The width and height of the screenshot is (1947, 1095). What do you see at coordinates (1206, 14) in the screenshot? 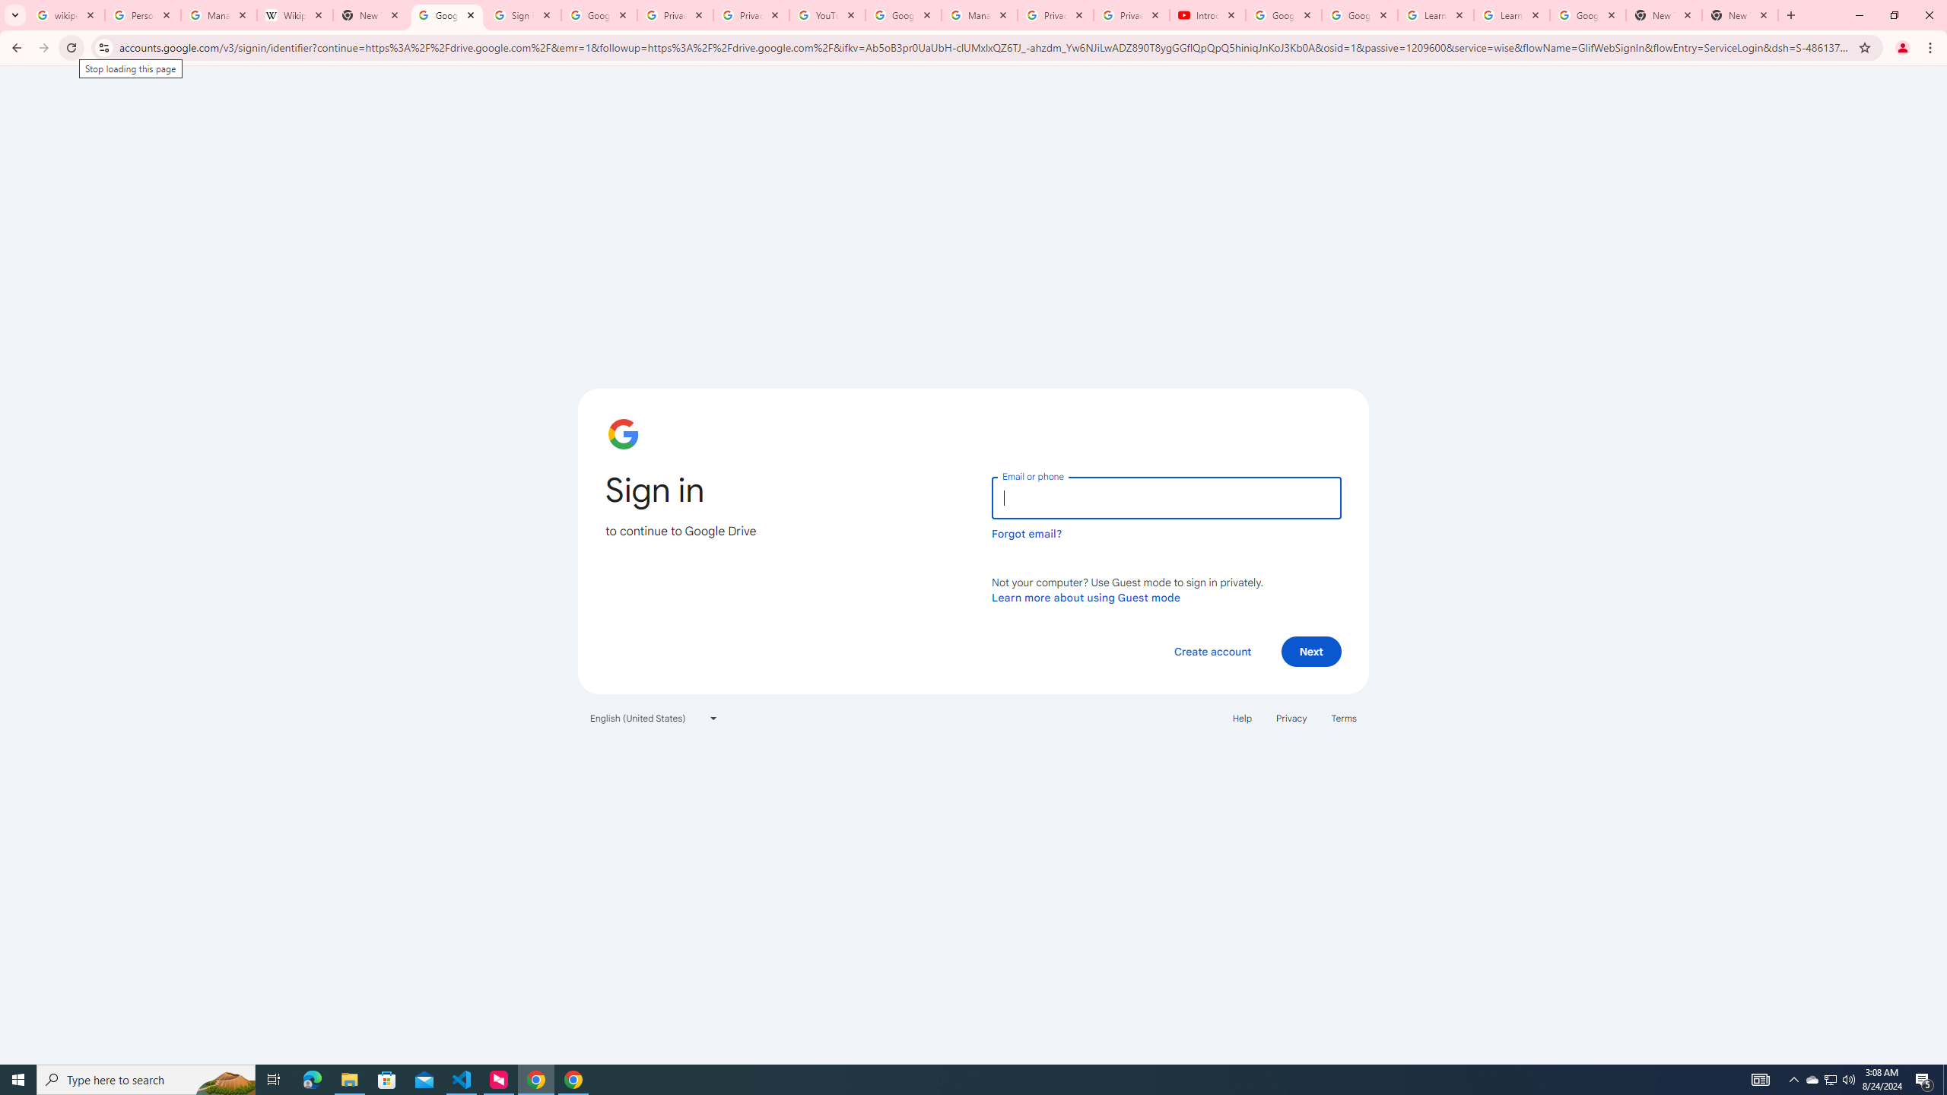
I see `'Introduction | Google Privacy Policy - YouTube'` at bounding box center [1206, 14].